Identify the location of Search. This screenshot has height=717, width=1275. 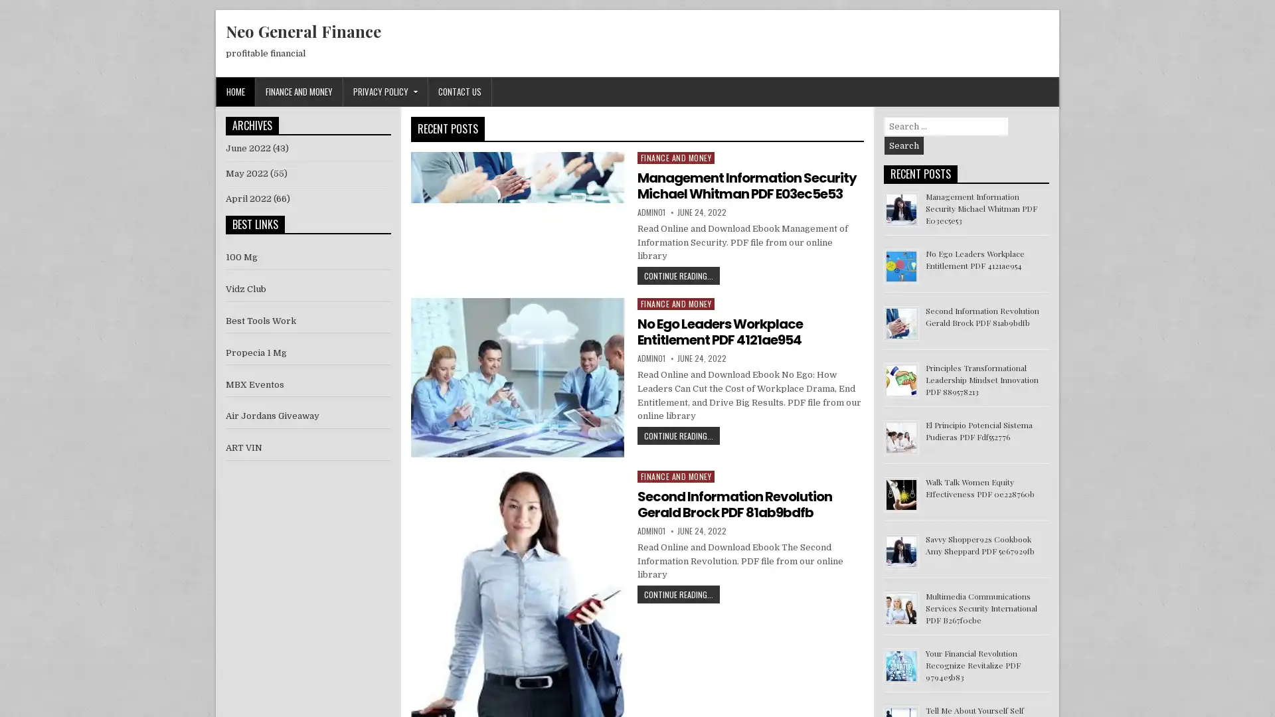
(903, 145).